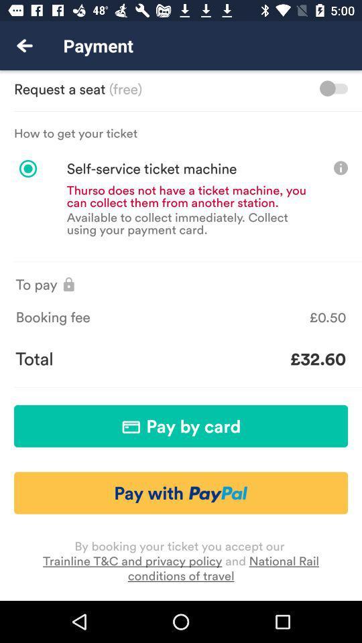  What do you see at coordinates (133, 168) in the screenshot?
I see `the item above the thurso does not` at bounding box center [133, 168].